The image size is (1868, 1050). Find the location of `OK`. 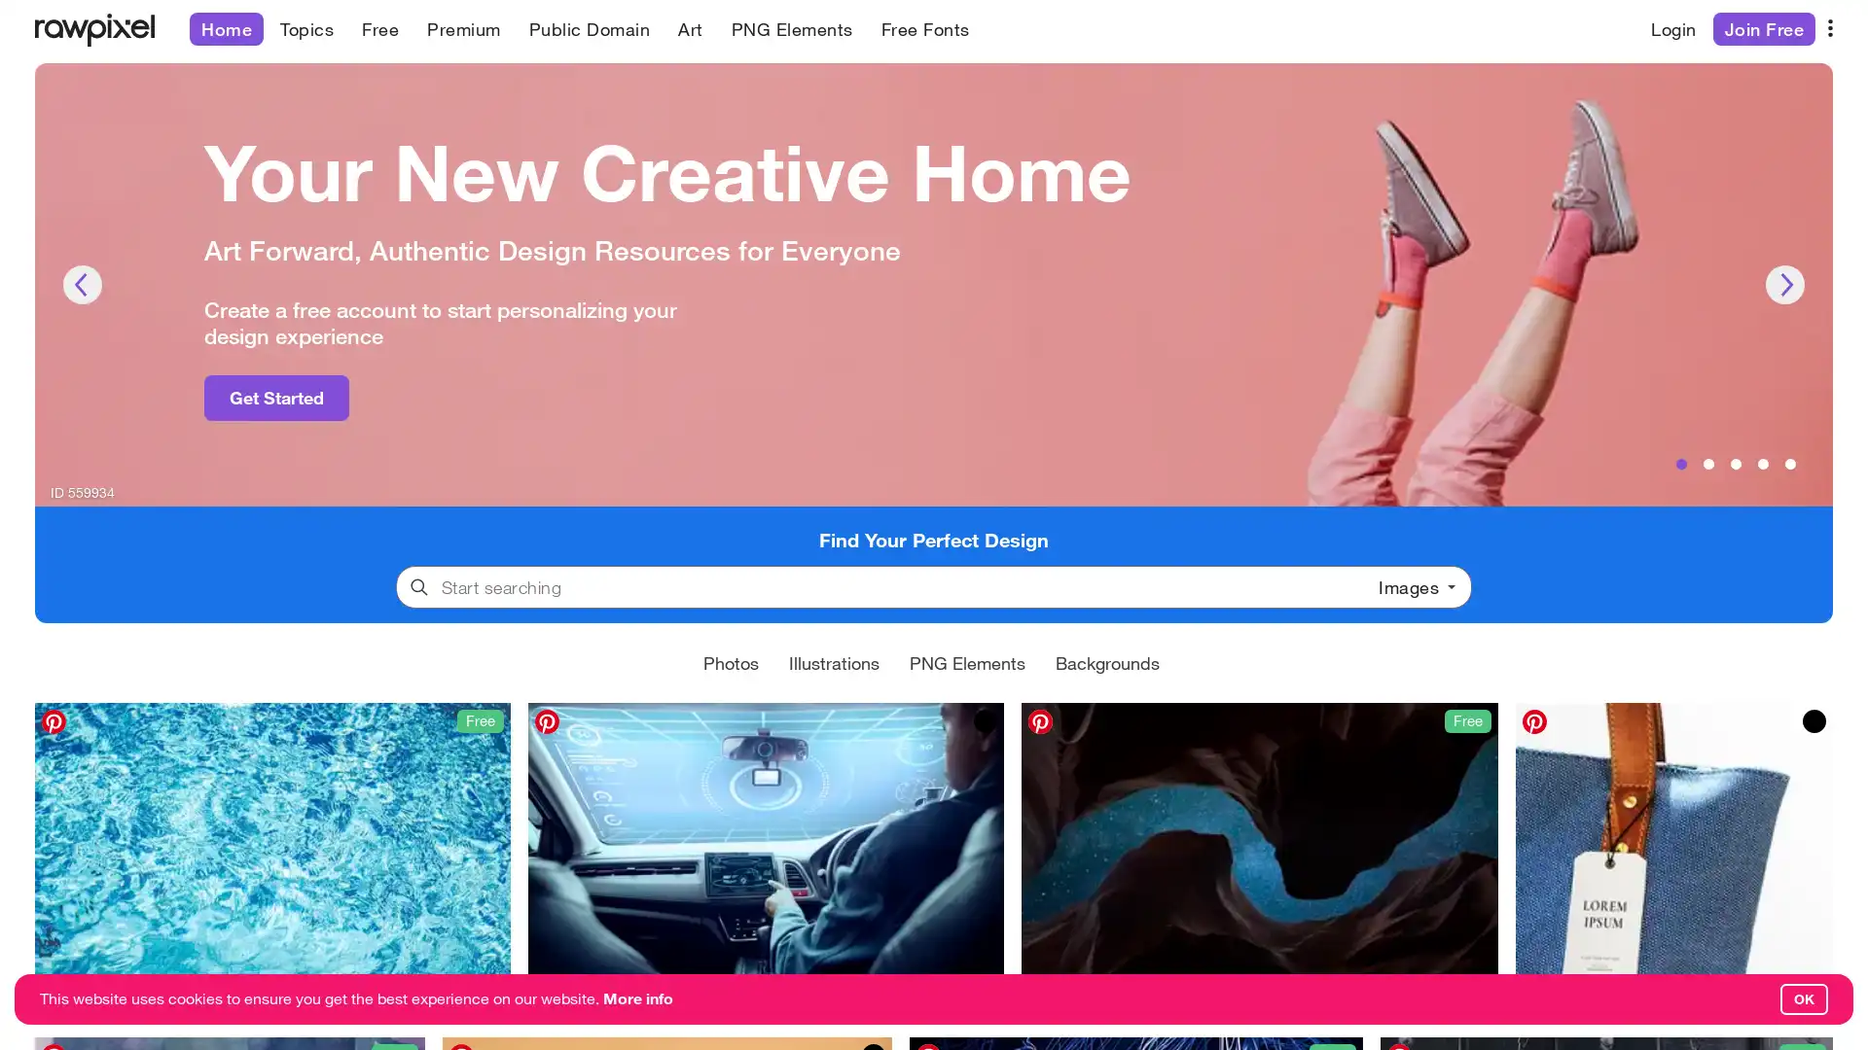

OK is located at coordinates (1803, 999).